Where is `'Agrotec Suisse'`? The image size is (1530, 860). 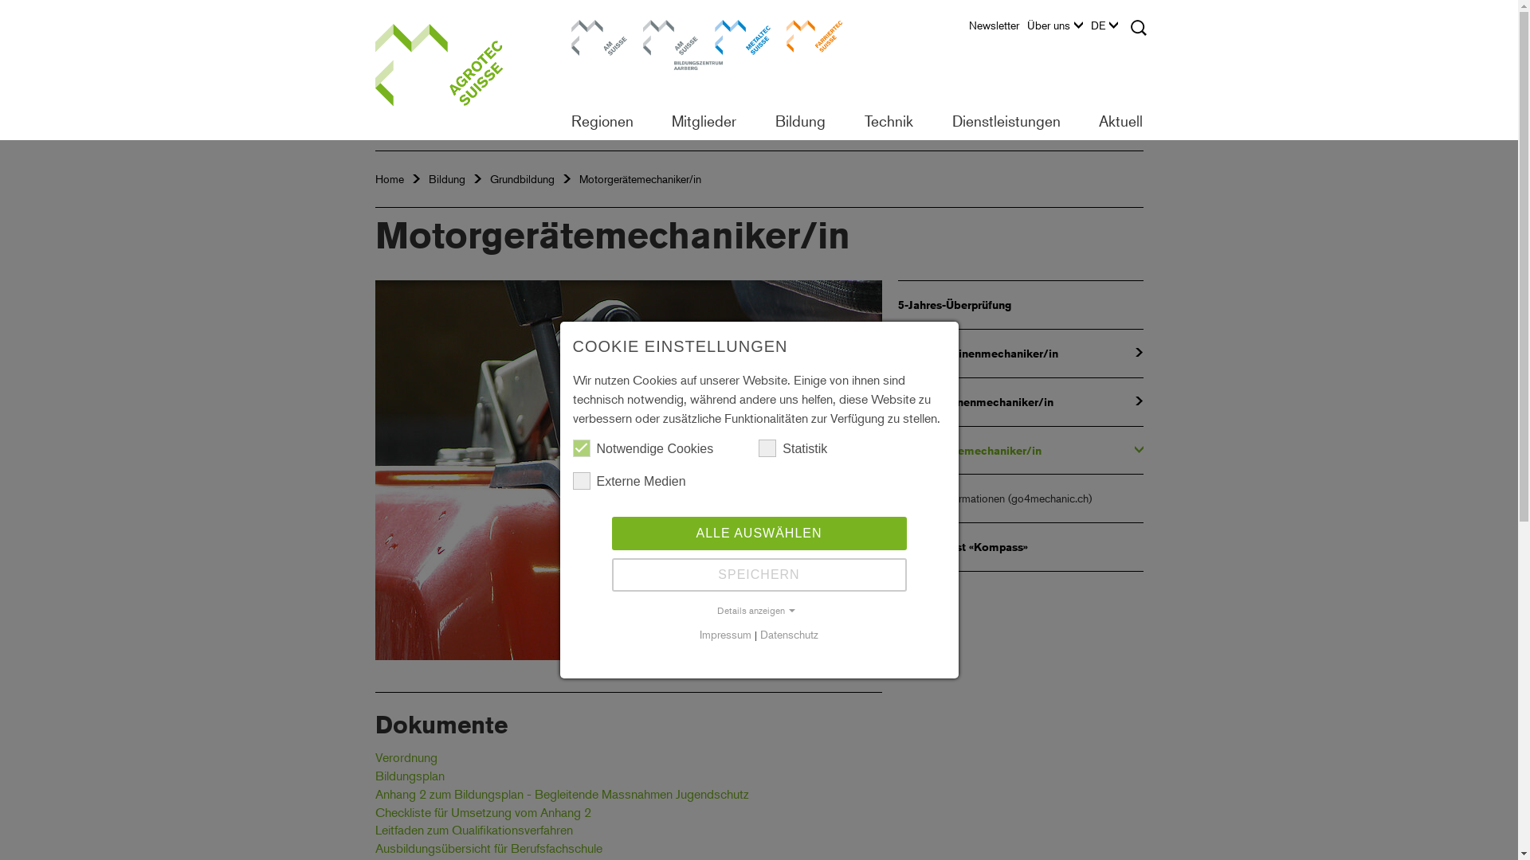 'Agrotec Suisse' is located at coordinates (457, 69).